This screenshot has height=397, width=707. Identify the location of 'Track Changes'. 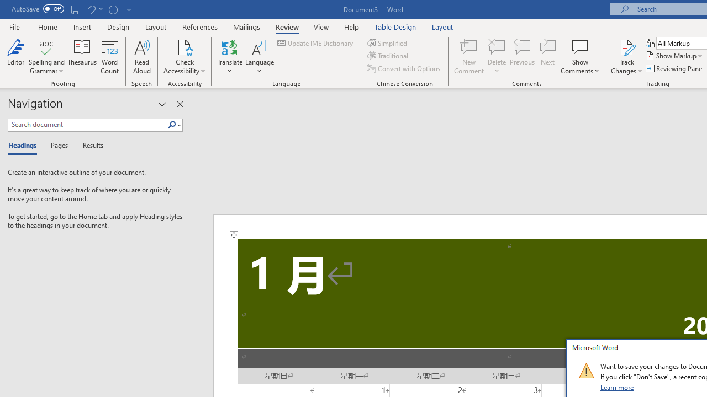
(626, 57).